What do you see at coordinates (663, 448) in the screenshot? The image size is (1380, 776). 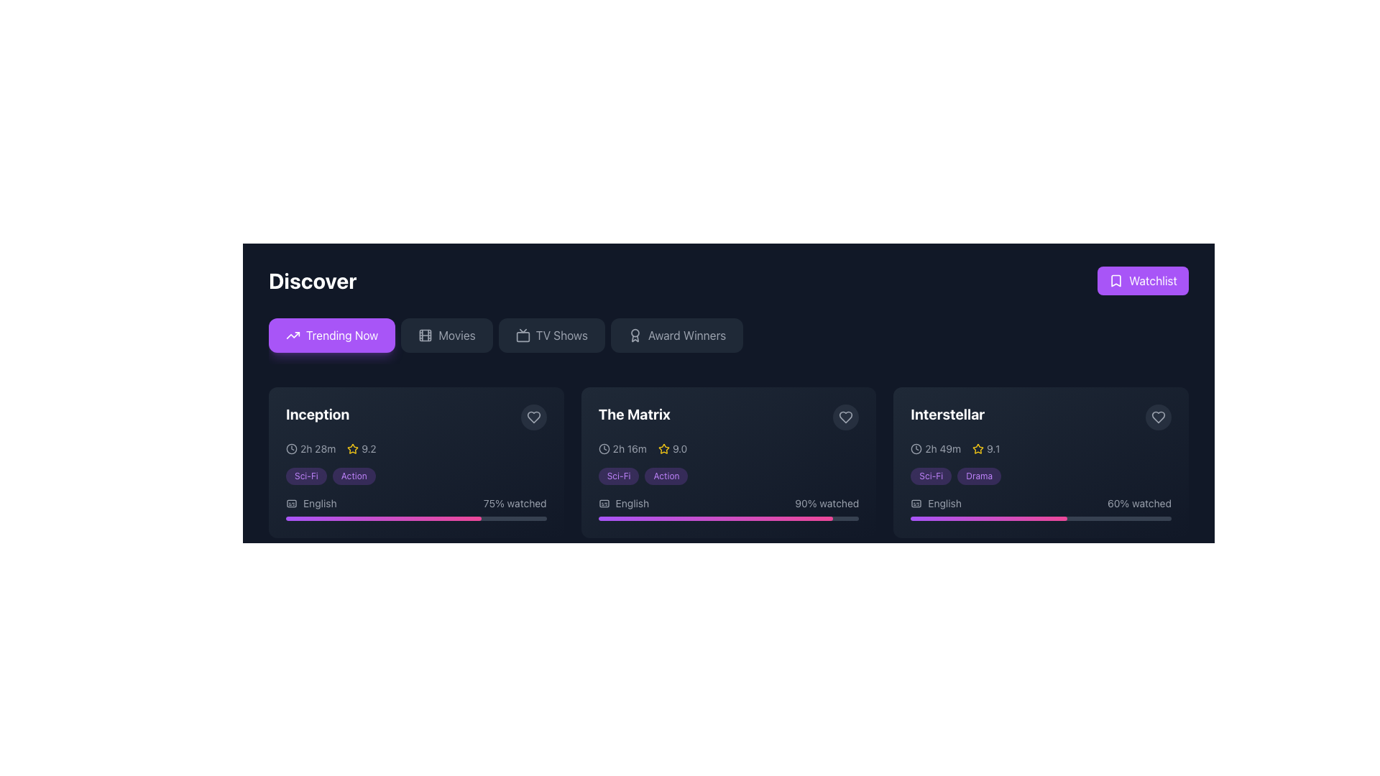 I see `the star icon representing the rating for the movie 'The Matrix' located adjacent to the numeric text '9.0'` at bounding box center [663, 448].